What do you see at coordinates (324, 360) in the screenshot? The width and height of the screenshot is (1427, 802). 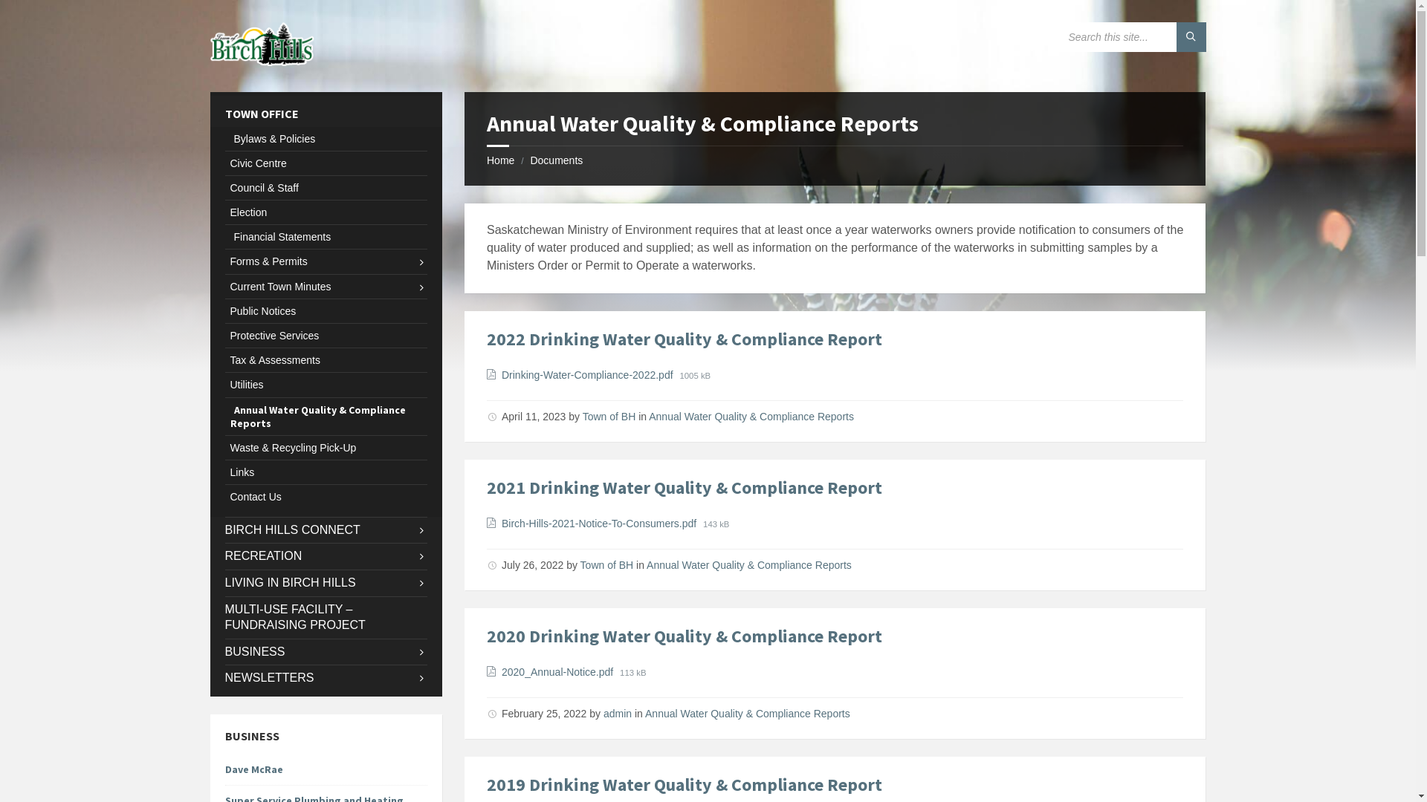 I see `'Tax & Assessments'` at bounding box center [324, 360].